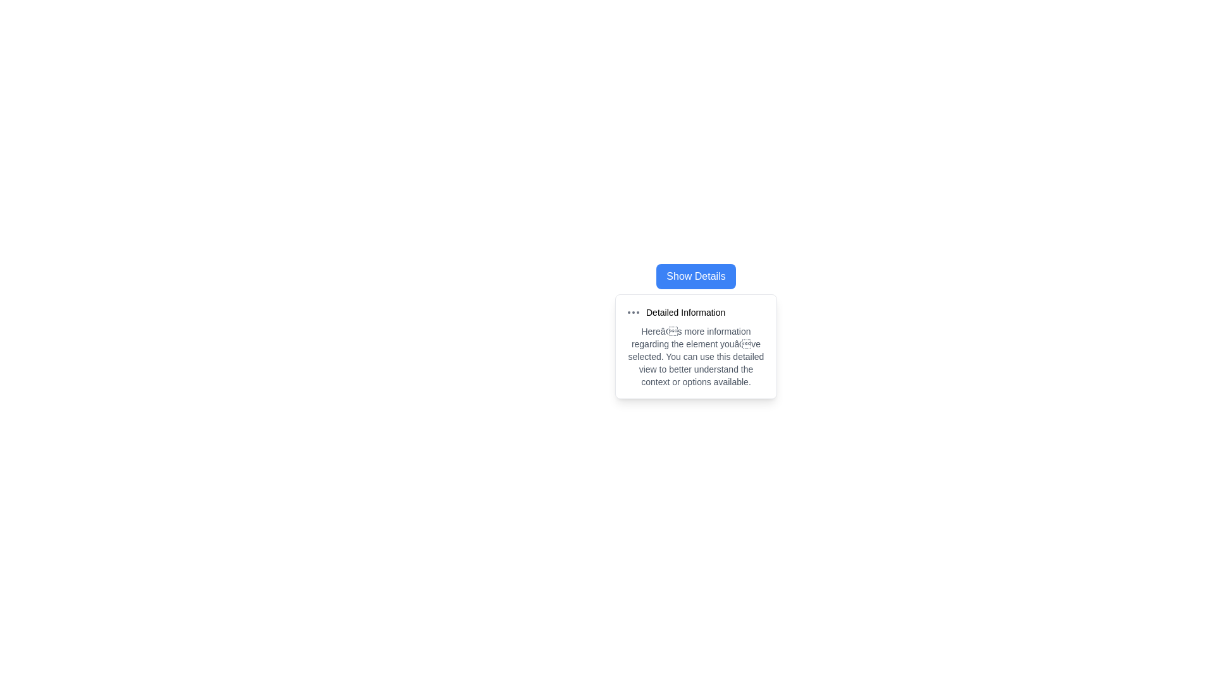 Image resolution: width=1214 pixels, height=682 pixels. I want to click on the 'More Options' icon located on the left side of the 'Detailed Information' text, so click(634, 312).